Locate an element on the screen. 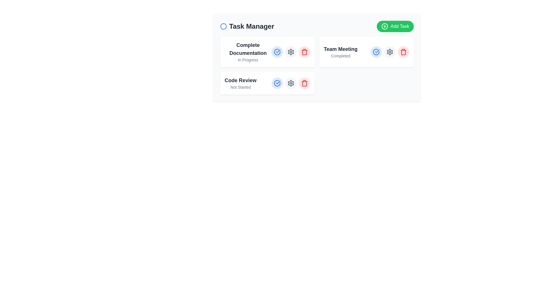 The height and width of the screenshot is (307, 546). the decorative Icon component located at the top left of the Task Manager header is located at coordinates (223, 26).